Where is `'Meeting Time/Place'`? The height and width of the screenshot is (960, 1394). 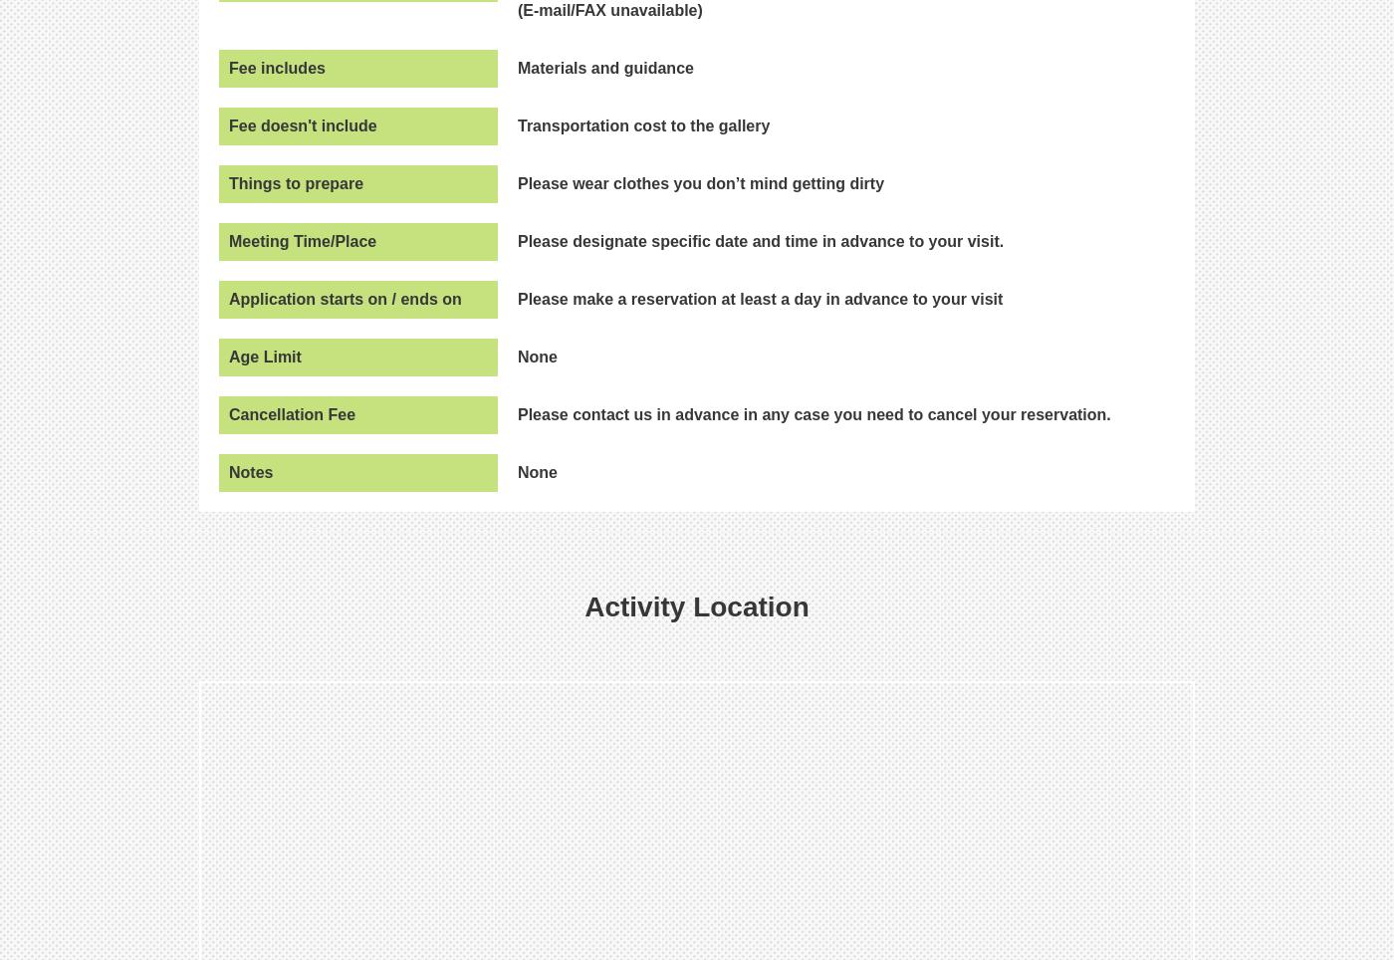 'Meeting Time/Place' is located at coordinates (302, 240).